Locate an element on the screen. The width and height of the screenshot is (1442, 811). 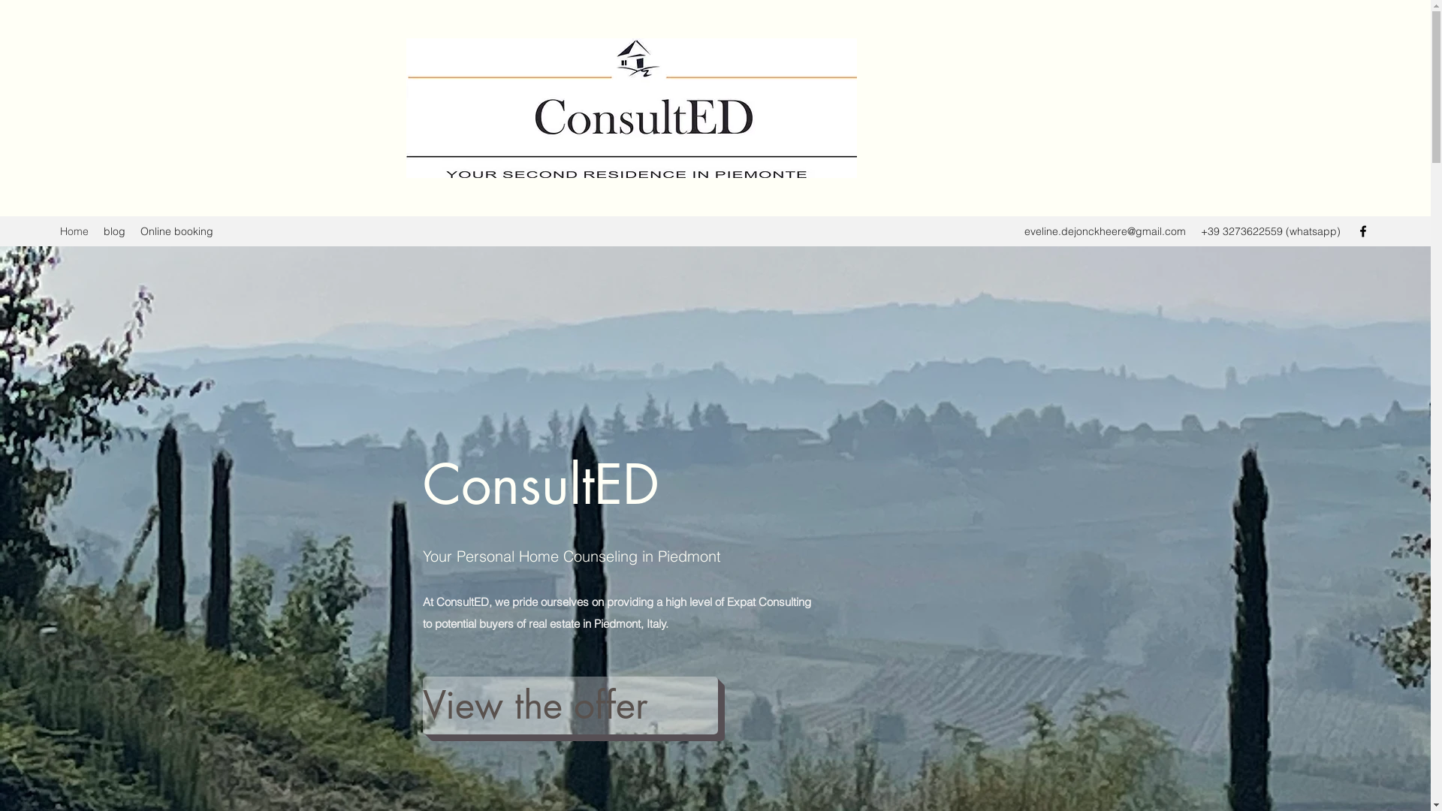
'Online booking' is located at coordinates (176, 231).